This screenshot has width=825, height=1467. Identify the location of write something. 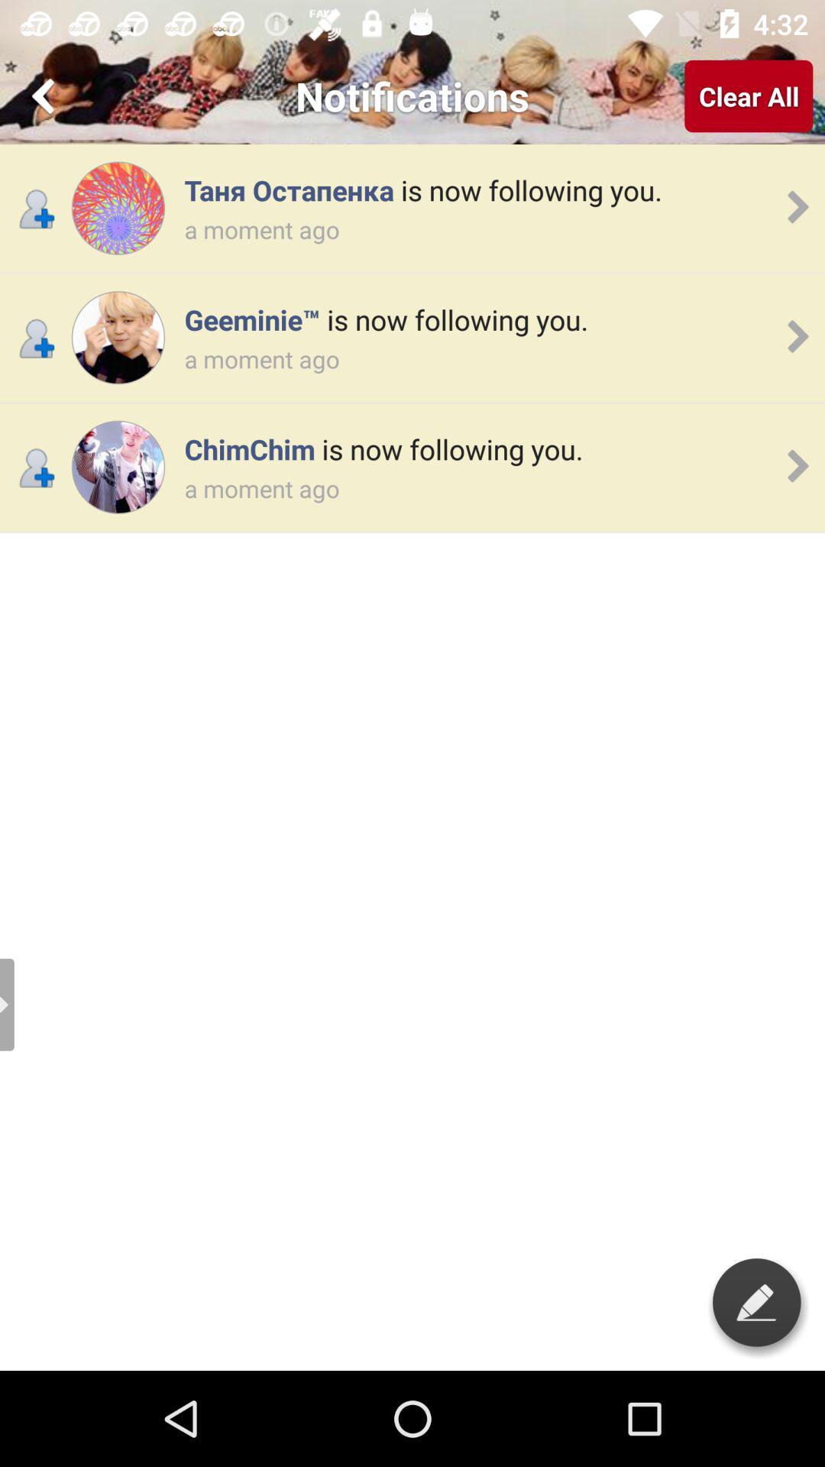
(756, 1301).